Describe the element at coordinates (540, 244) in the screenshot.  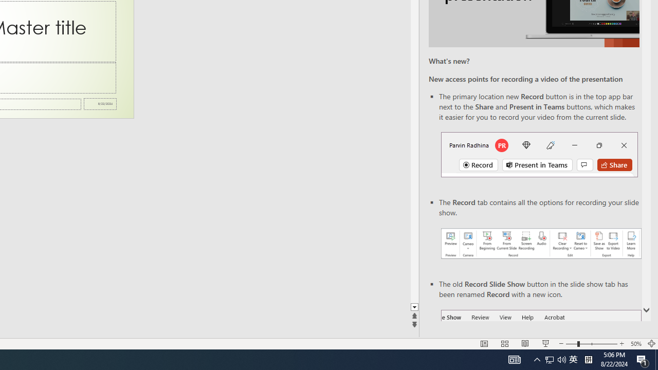
I see `'Record your presentations screenshot one'` at that location.